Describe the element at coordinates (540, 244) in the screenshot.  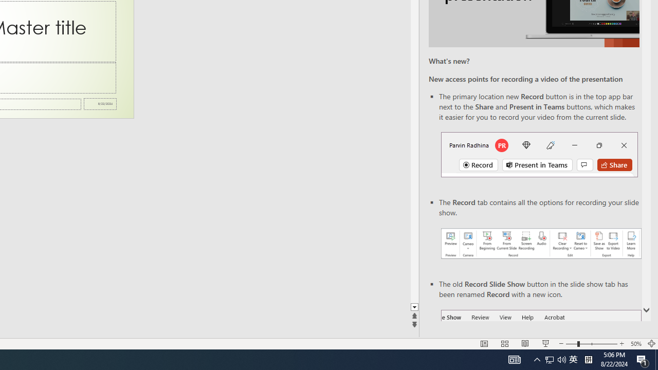
I see `'Record your presentations screenshot one'` at that location.